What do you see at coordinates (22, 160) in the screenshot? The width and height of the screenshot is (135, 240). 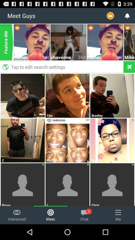 I see `c` at bounding box center [22, 160].